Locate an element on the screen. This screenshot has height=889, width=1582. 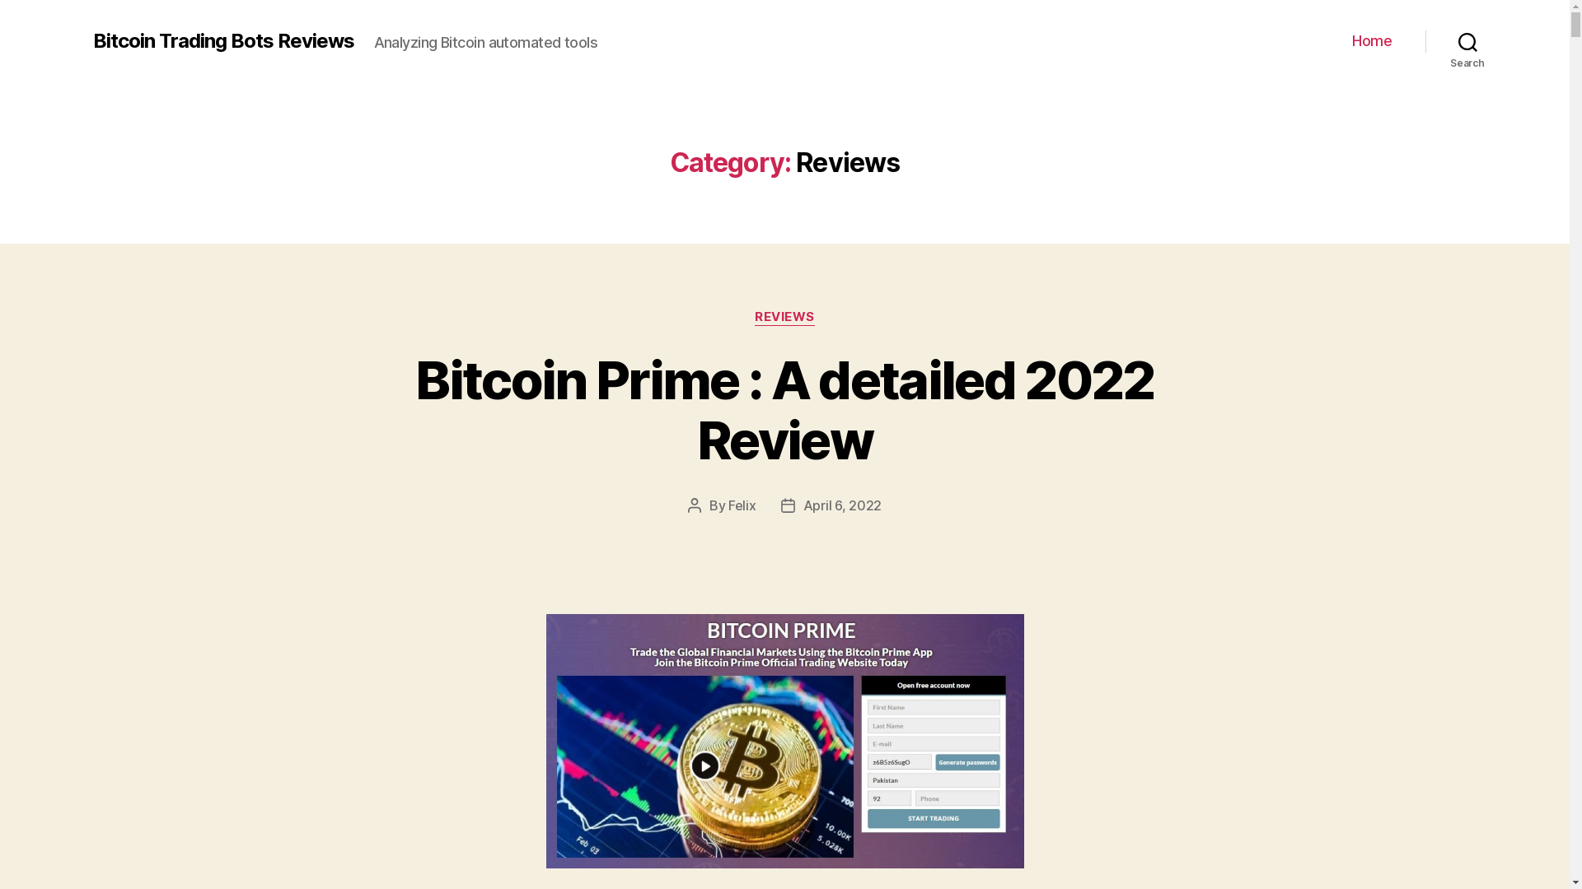
'Bitcoin Trading Bots Reviews' is located at coordinates (222, 40).